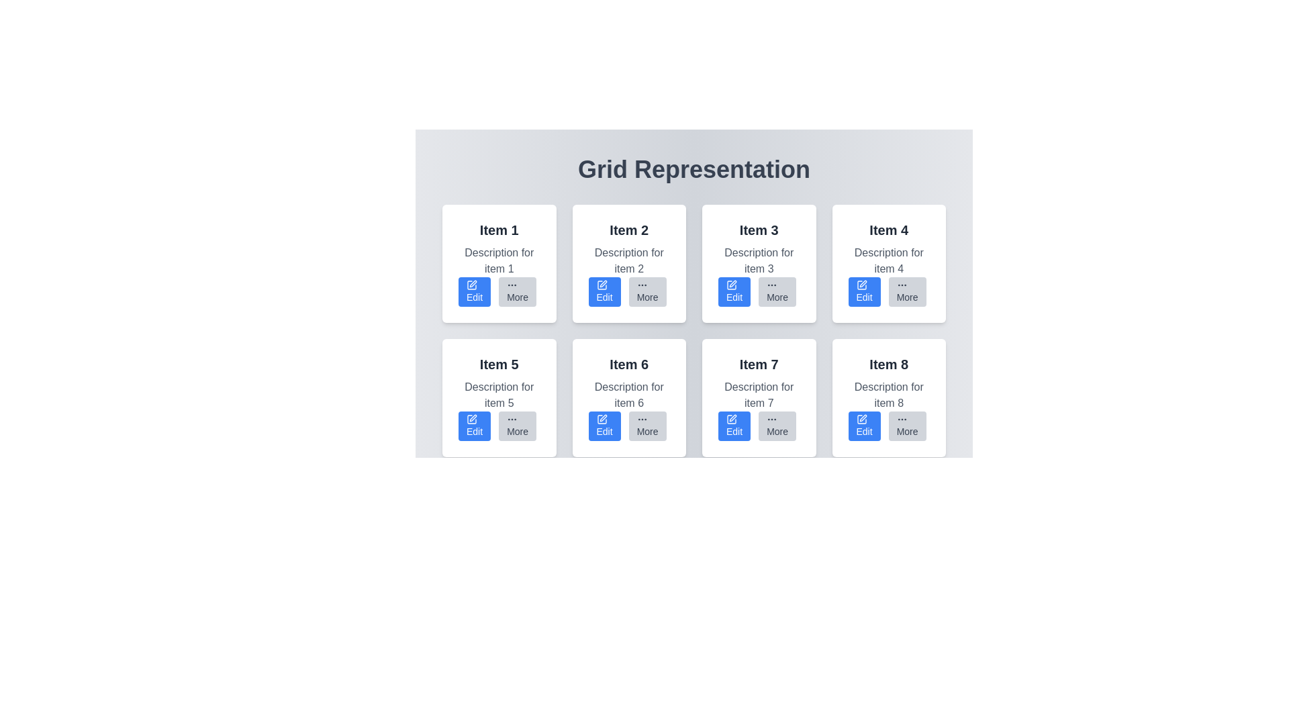 Image resolution: width=1289 pixels, height=725 pixels. I want to click on the static descriptive text located beneath the header 'Item 5' and above the buttons labeled 'Edit' and 'More', so click(498, 395).